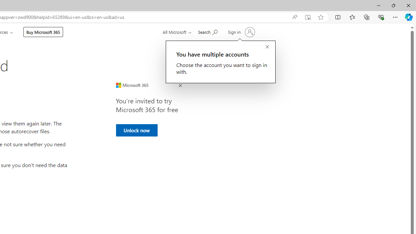  I want to click on 'Read aloud this page (Ctrl+Shift+U)', so click(294, 17).